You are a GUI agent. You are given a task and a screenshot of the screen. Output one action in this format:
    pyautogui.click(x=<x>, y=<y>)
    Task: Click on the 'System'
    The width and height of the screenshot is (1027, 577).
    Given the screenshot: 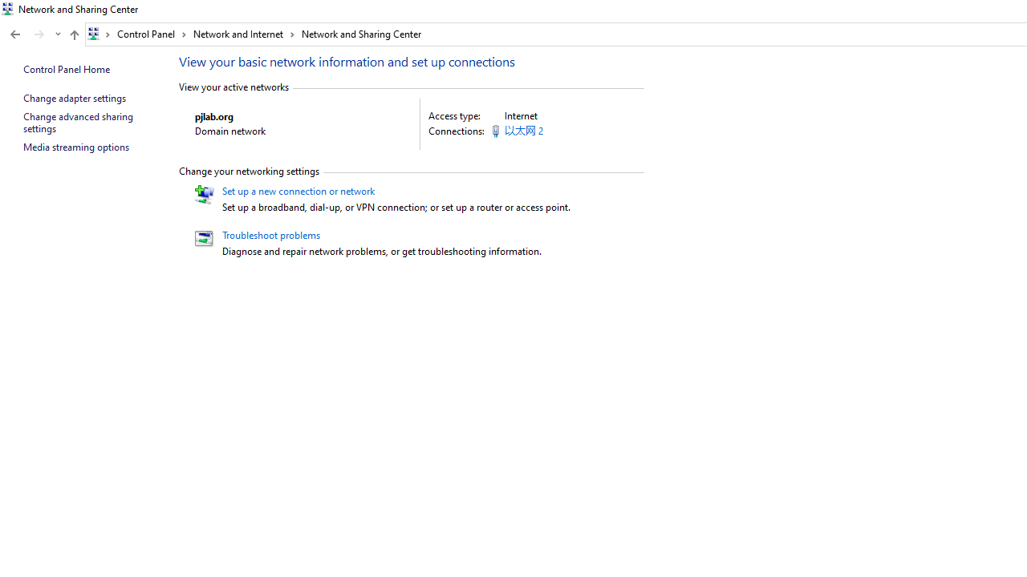 What is the action you would take?
    pyautogui.click(x=8, y=9)
    